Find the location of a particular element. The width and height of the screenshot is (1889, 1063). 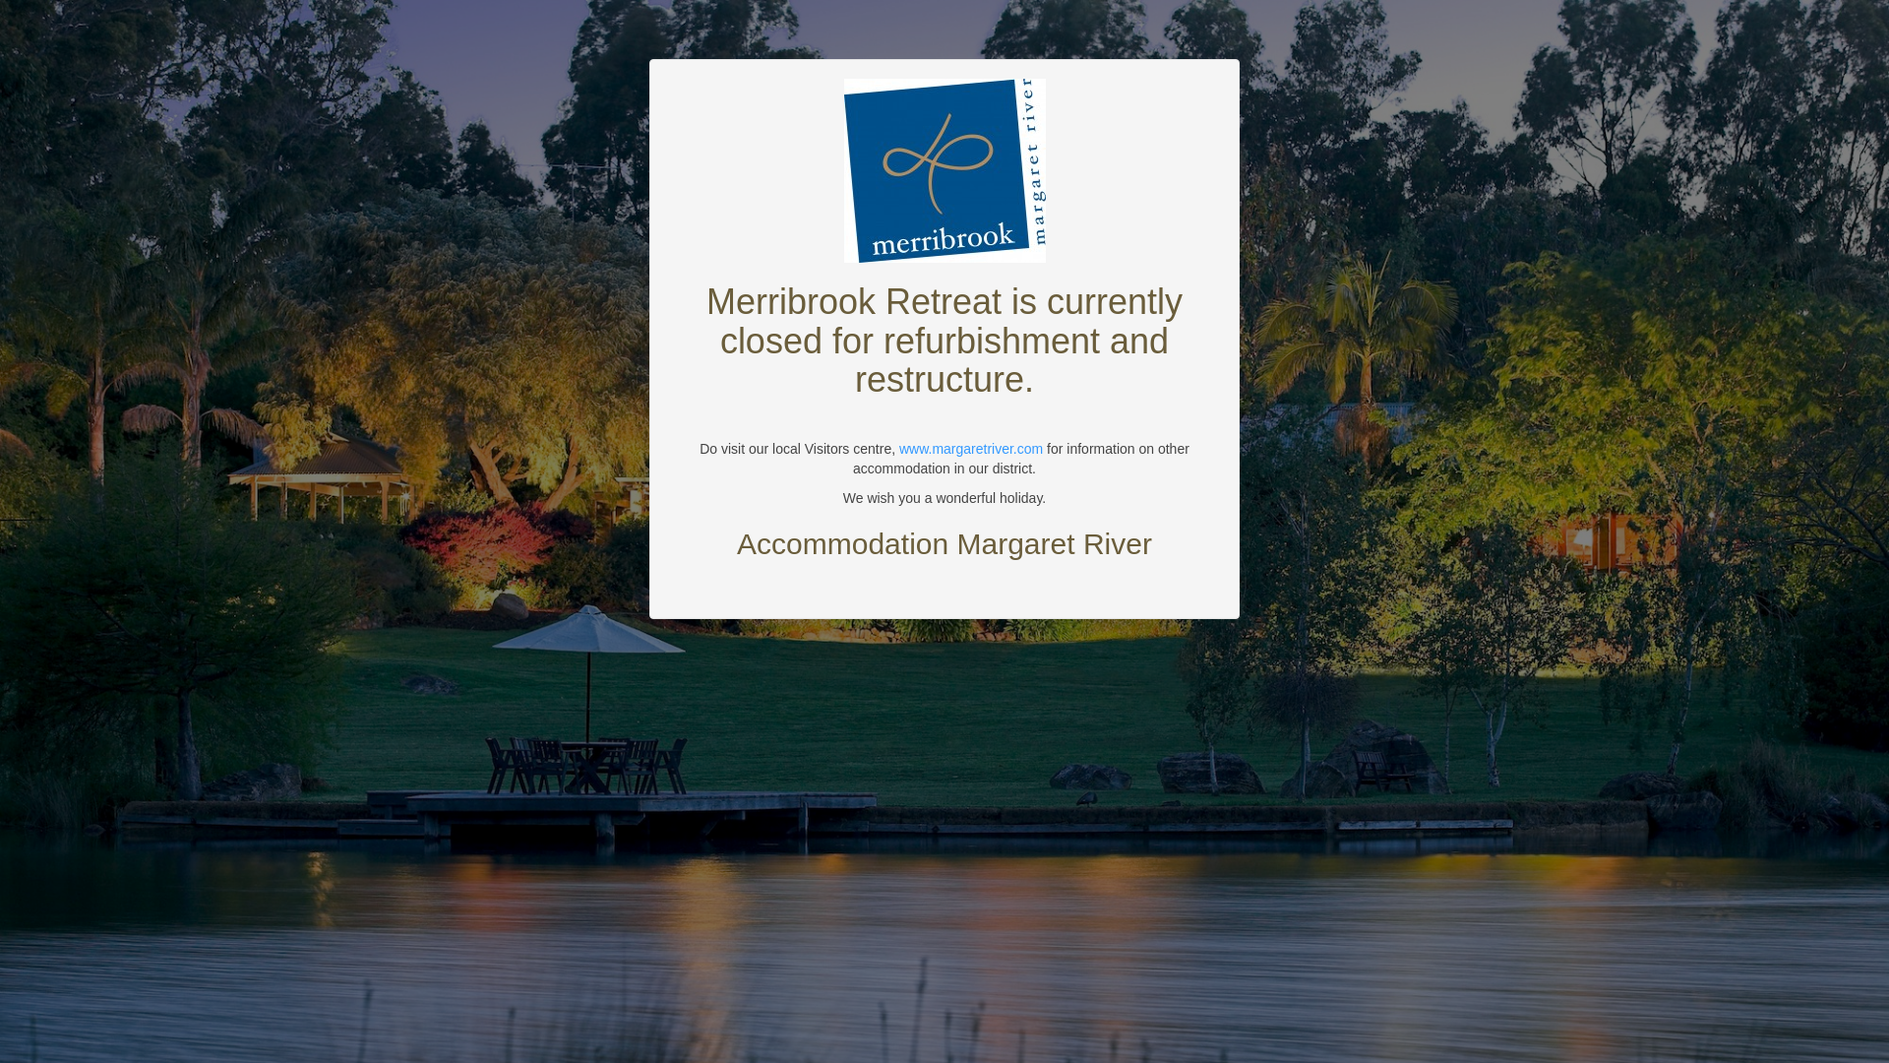

'www.margaretriver.com' is located at coordinates (897, 448).